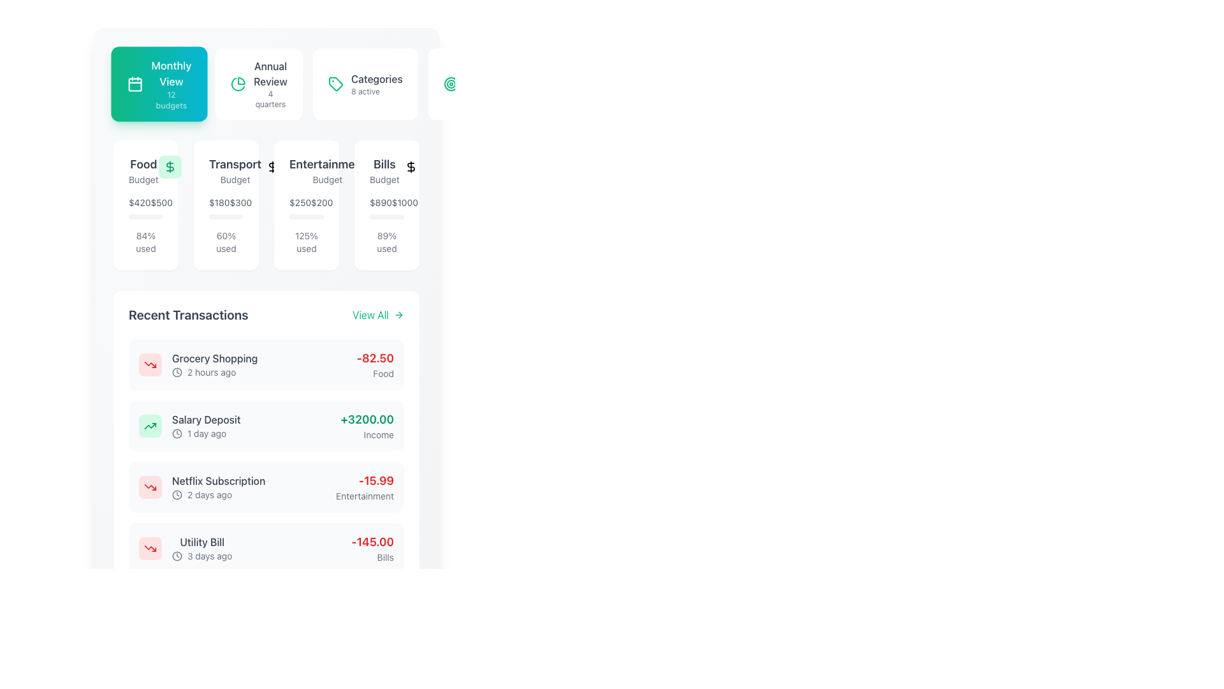 This screenshot has width=1224, height=689. What do you see at coordinates (210, 555) in the screenshot?
I see `the timestamp text label located in the bottom transaction entry of the 'Recent Transactions' section, which is positioned to the right of a clock icon and below the 'Utility Bill' label` at bounding box center [210, 555].